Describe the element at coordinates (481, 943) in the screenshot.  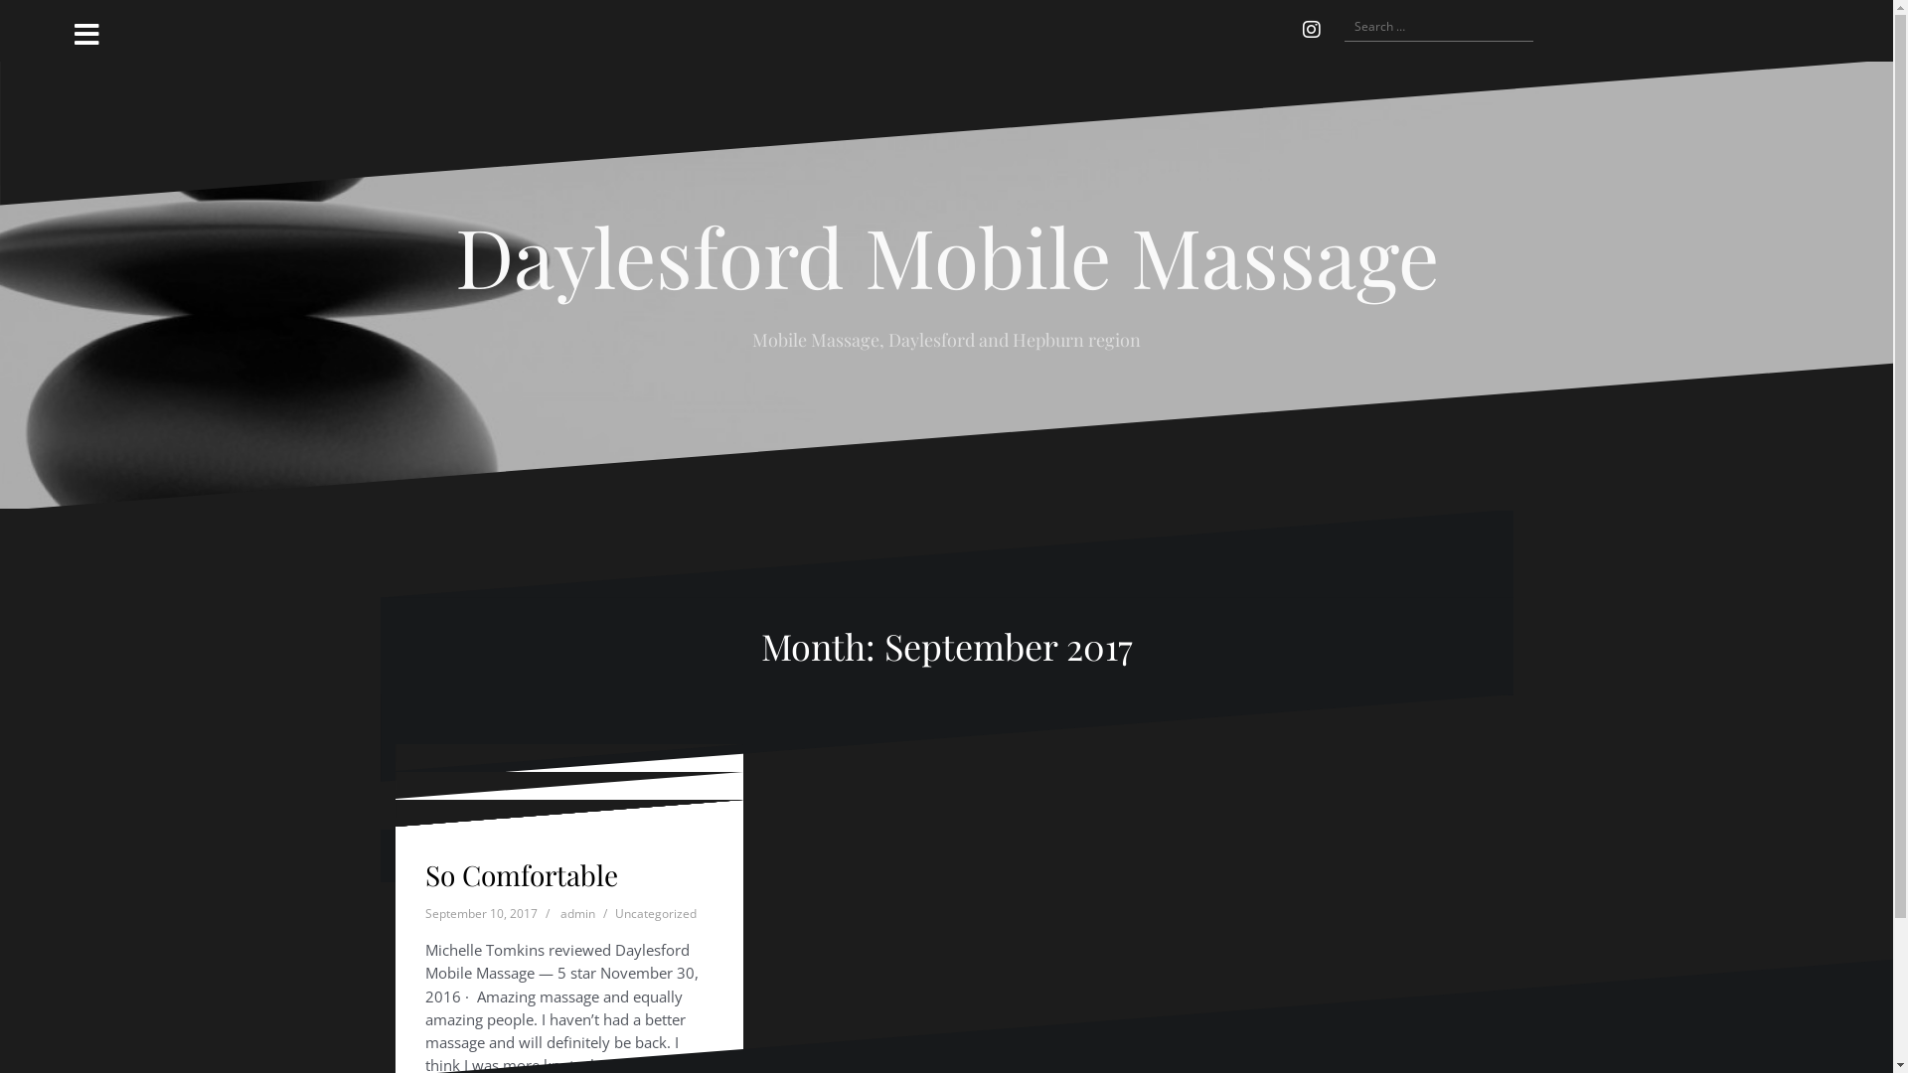
I see `'September 10, 2017'` at that location.